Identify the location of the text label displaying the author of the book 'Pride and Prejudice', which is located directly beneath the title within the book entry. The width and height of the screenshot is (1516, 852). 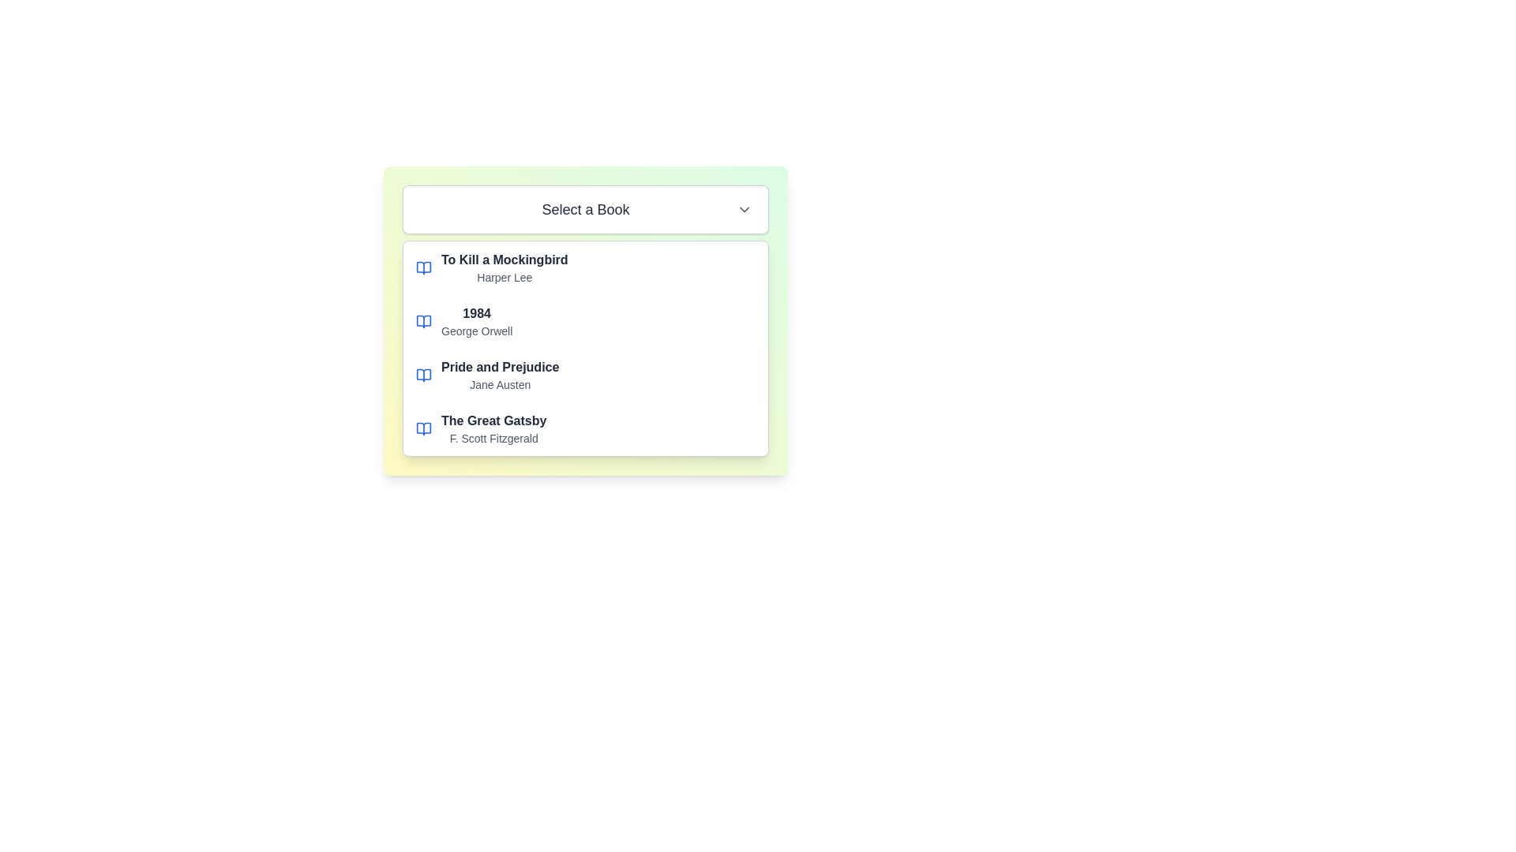
(499, 385).